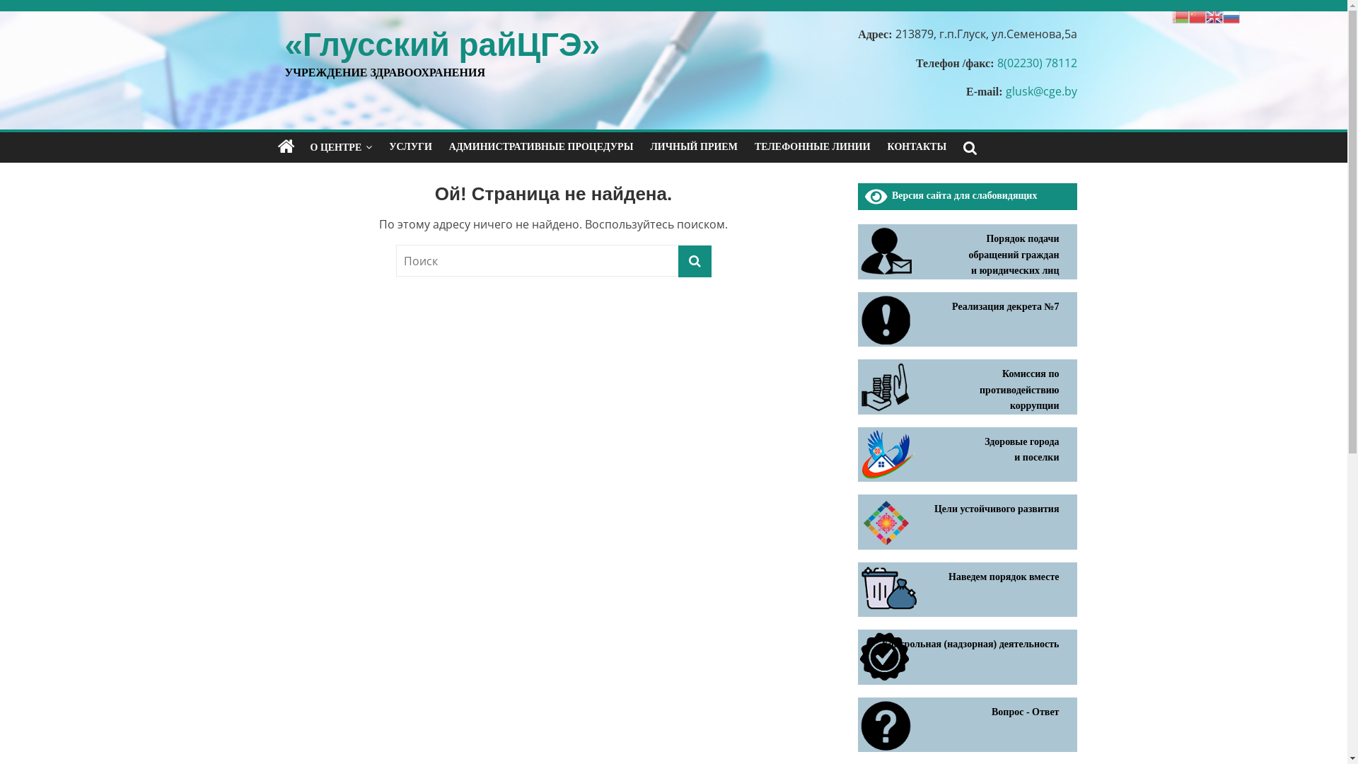 The width and height of the screenshot is (1358, 764). Describe the element at coordinates (1214, 16) in the screenshot. I see `'English'` at that location.